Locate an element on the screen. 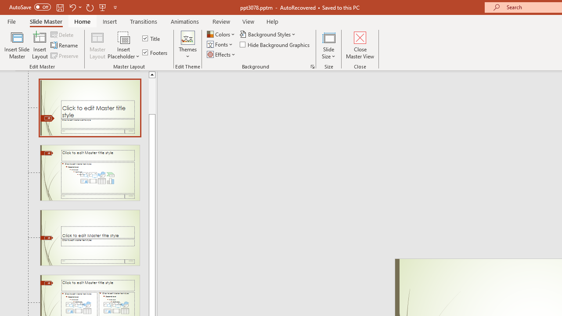 Image resolution: width=562 pixels, height=316 pixels. 'Themes' is located at coordinates (187, 45).